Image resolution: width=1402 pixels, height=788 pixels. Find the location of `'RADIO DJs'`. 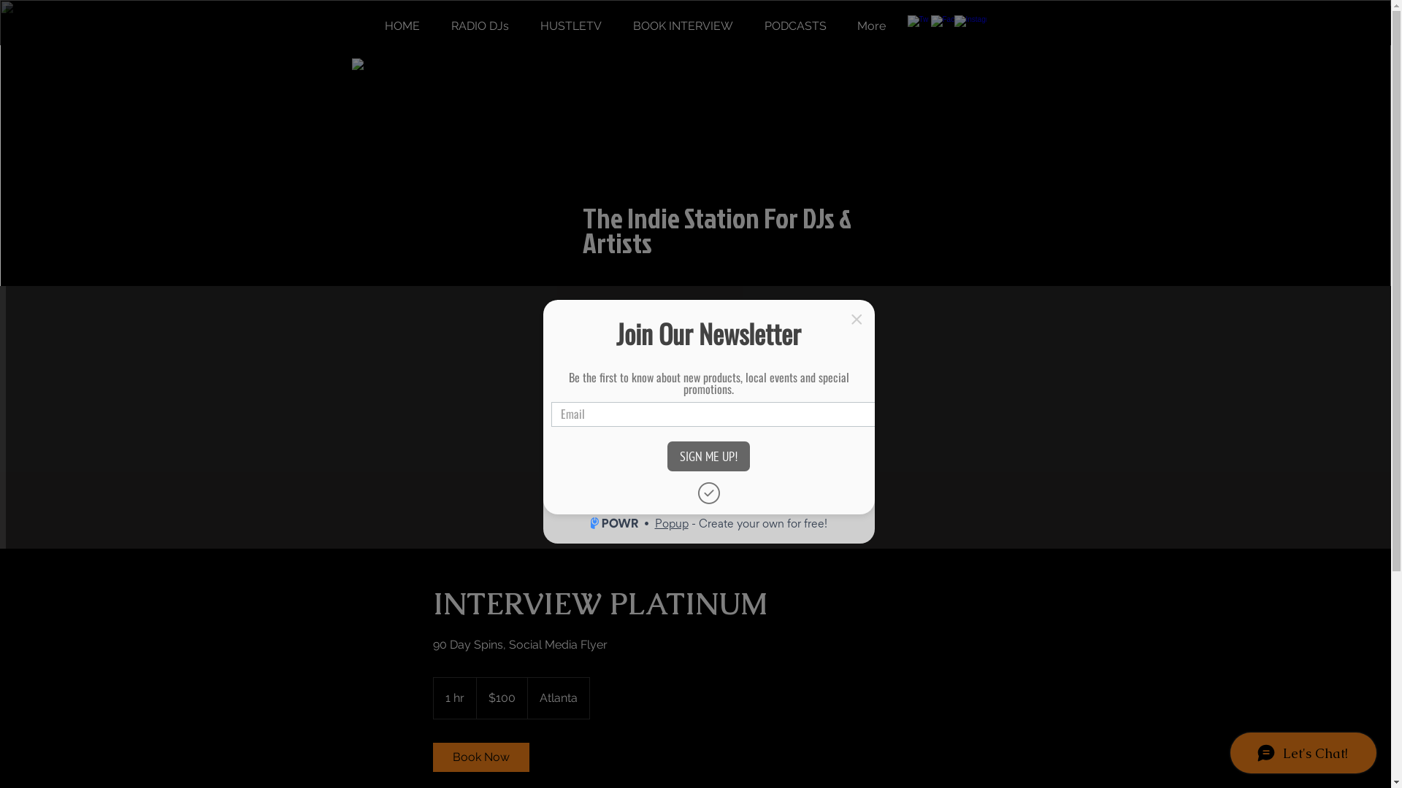

'RADIO DJs' is located at coordinates (480, 26).